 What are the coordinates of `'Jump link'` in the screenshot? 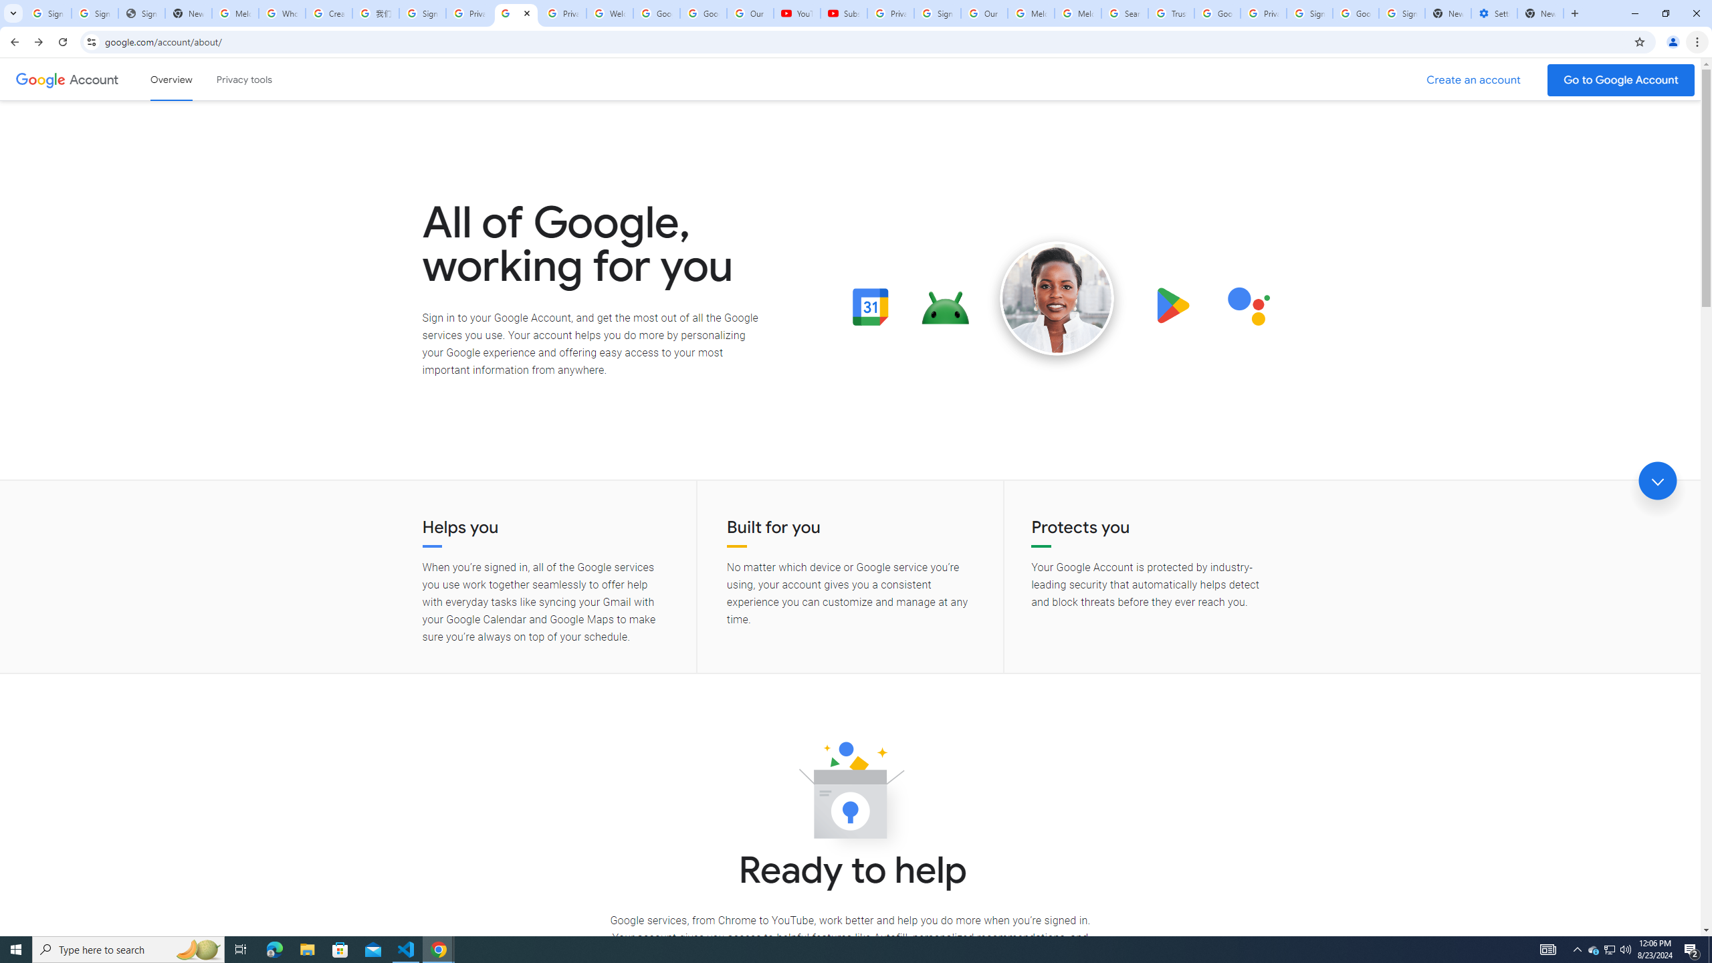 It's located at (1657, 481).